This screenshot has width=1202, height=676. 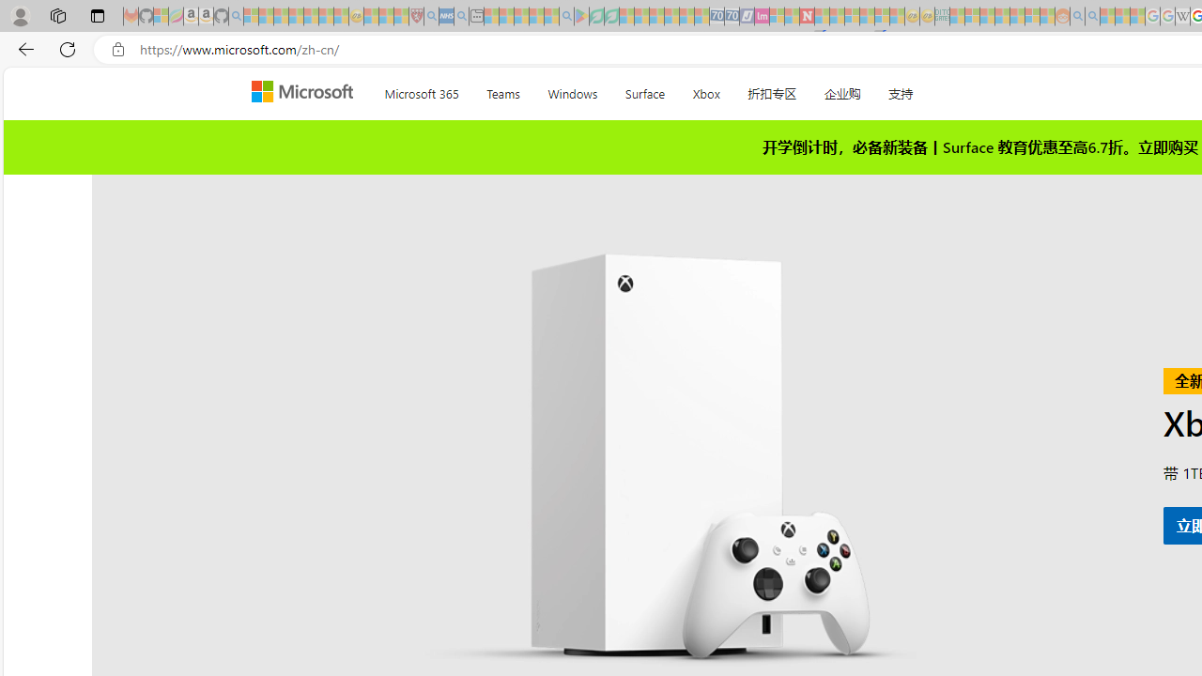 What do you see at coordinates (705, 90) in the screenshot?
I see `'Xbox'` at bounding box center [705, 90].